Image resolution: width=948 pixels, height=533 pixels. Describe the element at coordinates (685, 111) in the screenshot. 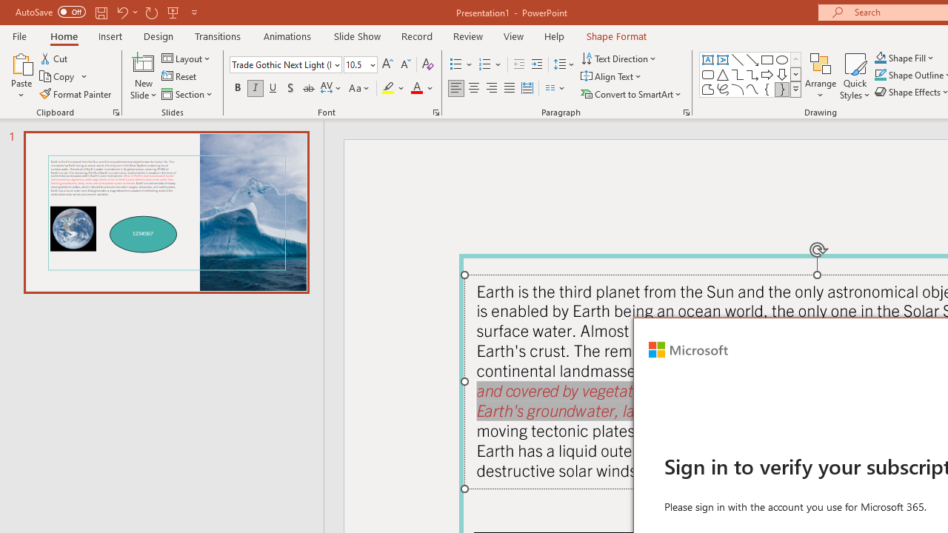

I see `'Paragraph...'` at that location.